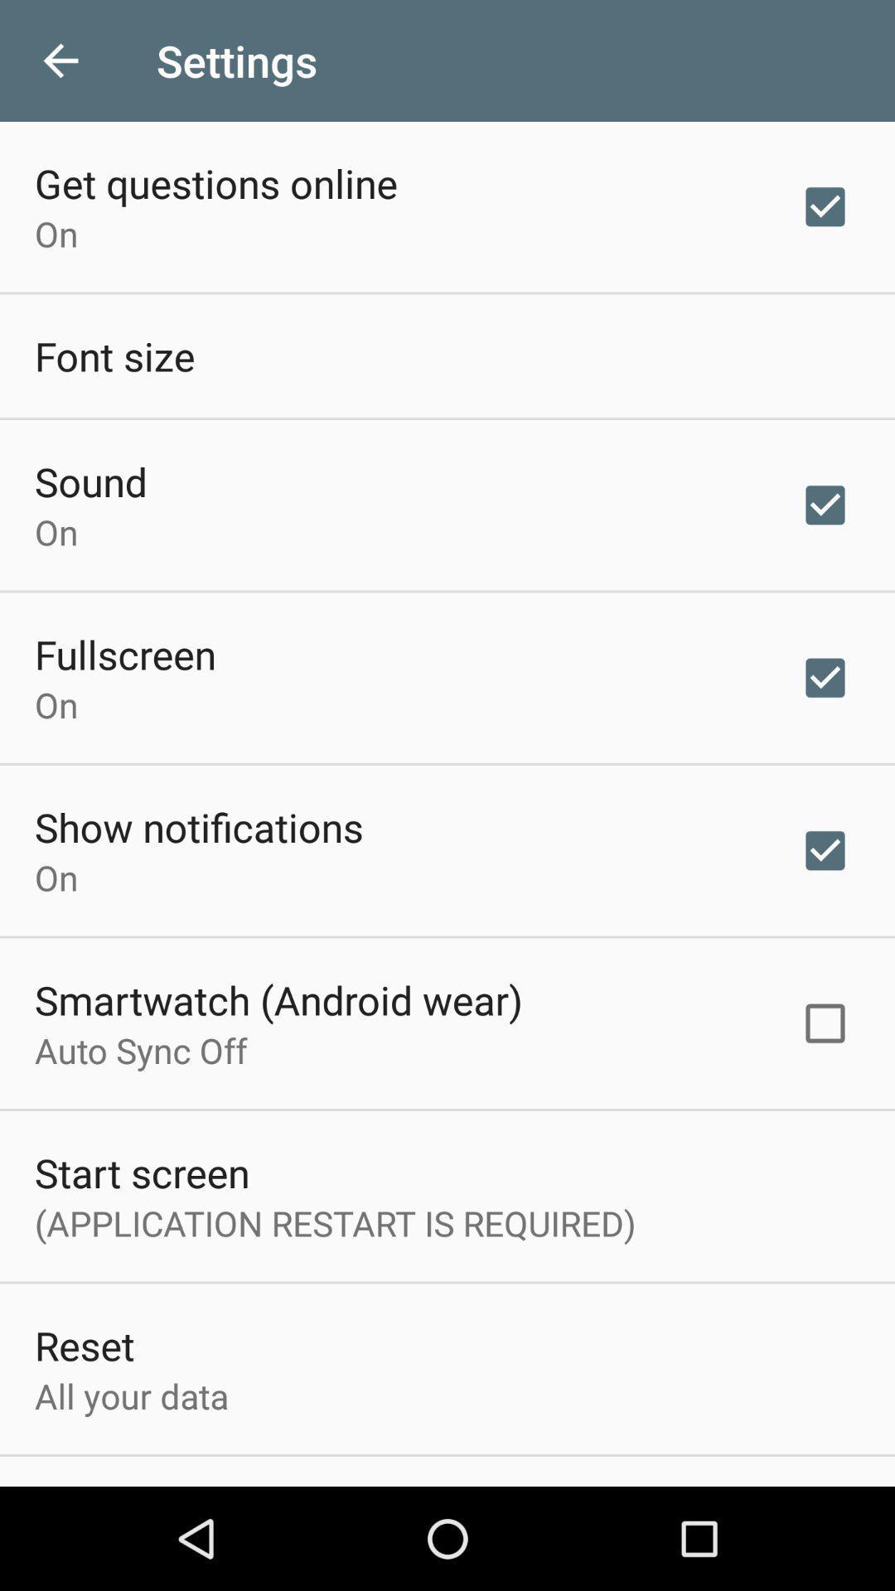  Describe the element at coordinates (198, 827) in the screenshot. I see `the icon below on item` at that location.